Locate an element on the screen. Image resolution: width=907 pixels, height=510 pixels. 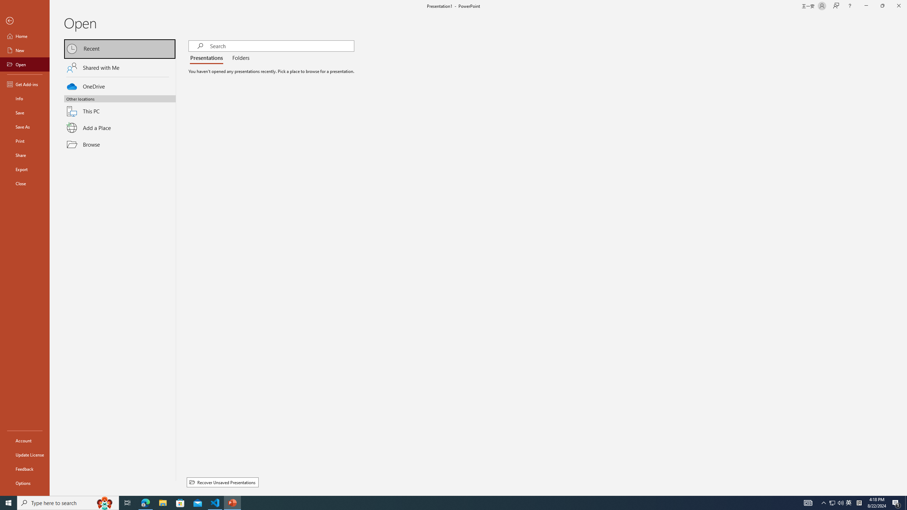
'Update License' is located at coordinates (24, 454).